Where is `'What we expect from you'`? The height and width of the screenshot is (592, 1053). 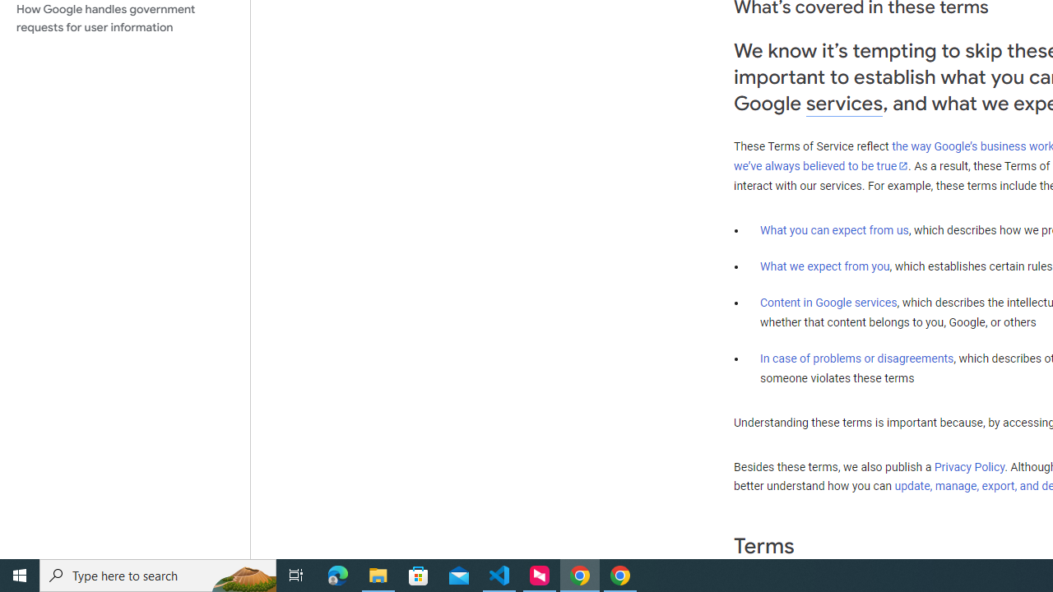 'What we expect from you' is located at coordinates (824, 266).